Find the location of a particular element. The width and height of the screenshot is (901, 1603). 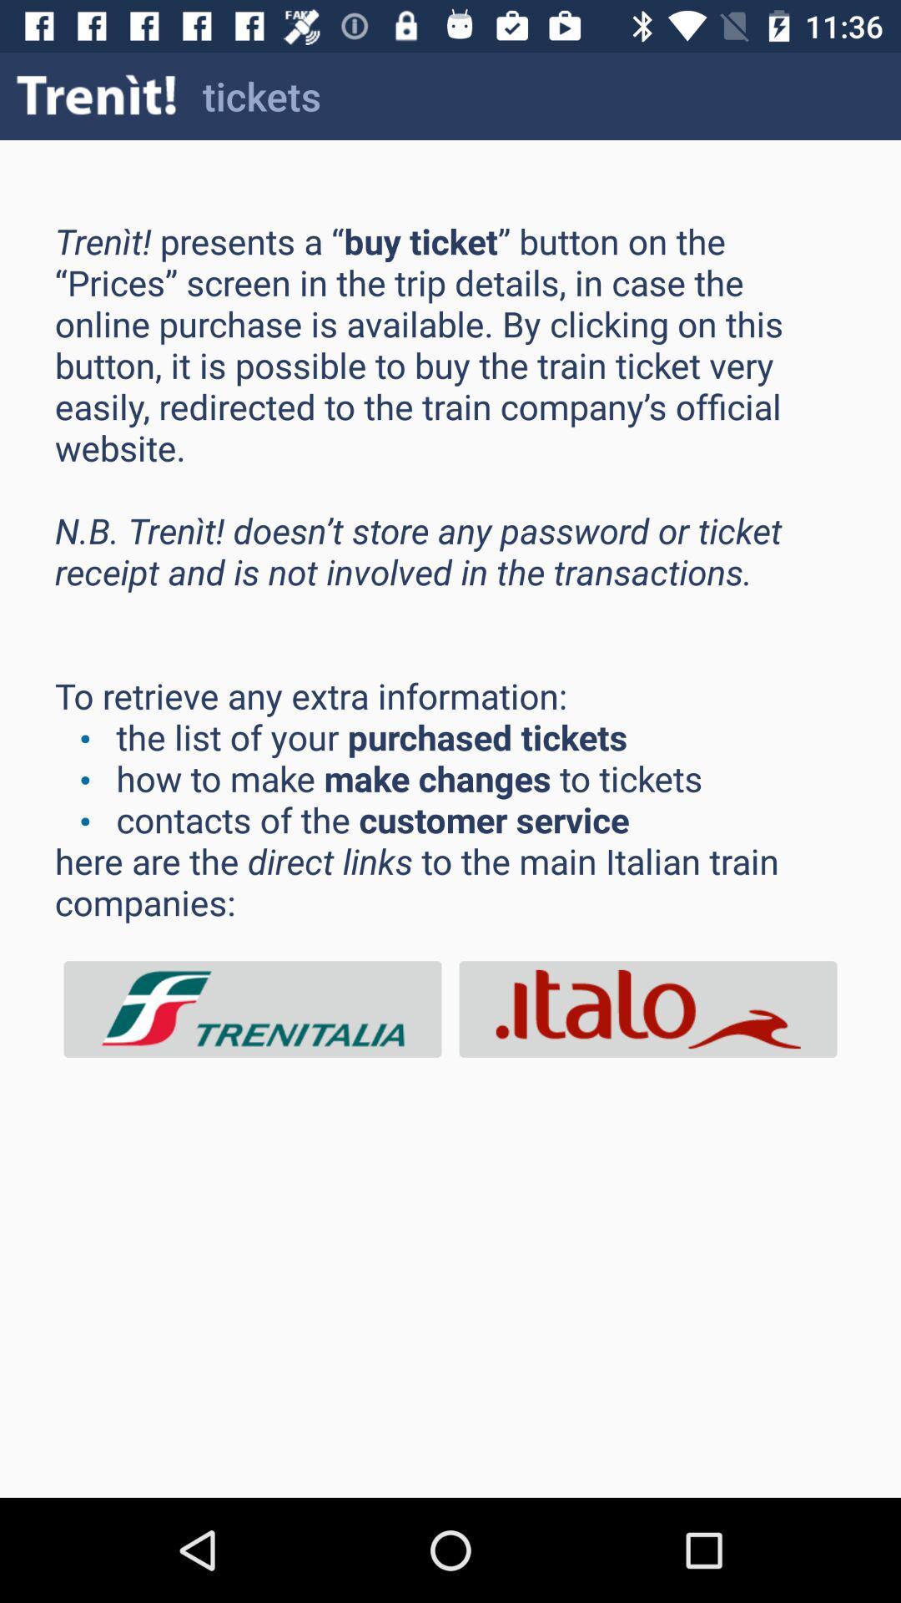

the icon to the left of tickets item is located at coordinates (97, 95).